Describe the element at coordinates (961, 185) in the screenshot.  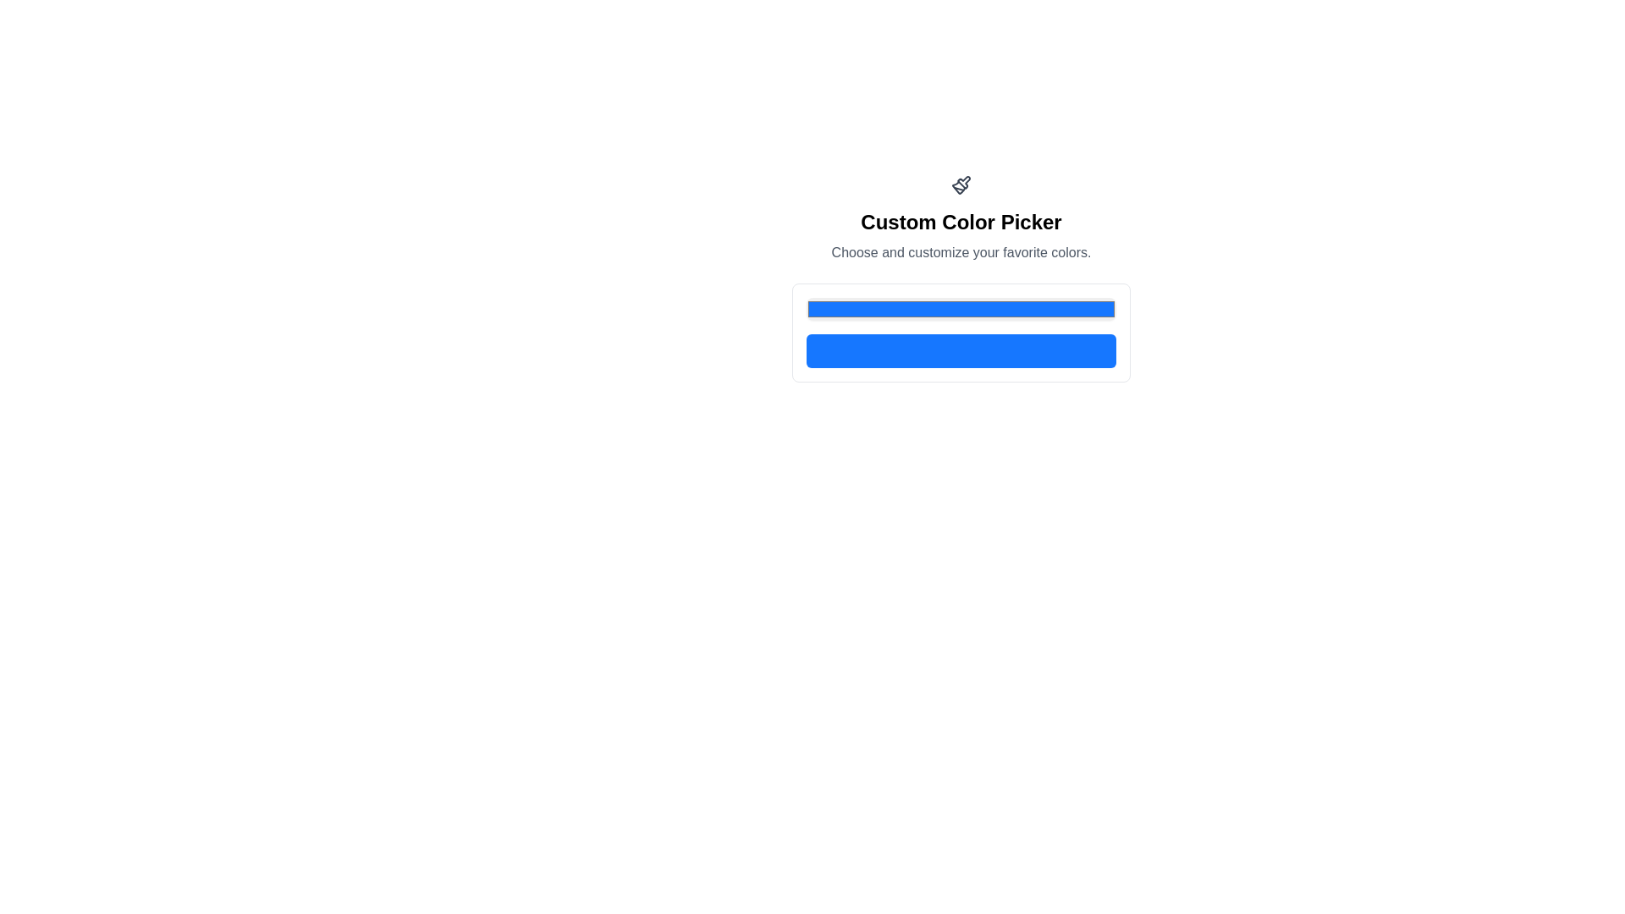
I see `the minimalistic gray paintbrush icon located above the 'Custom Color Picker' text` at that location.